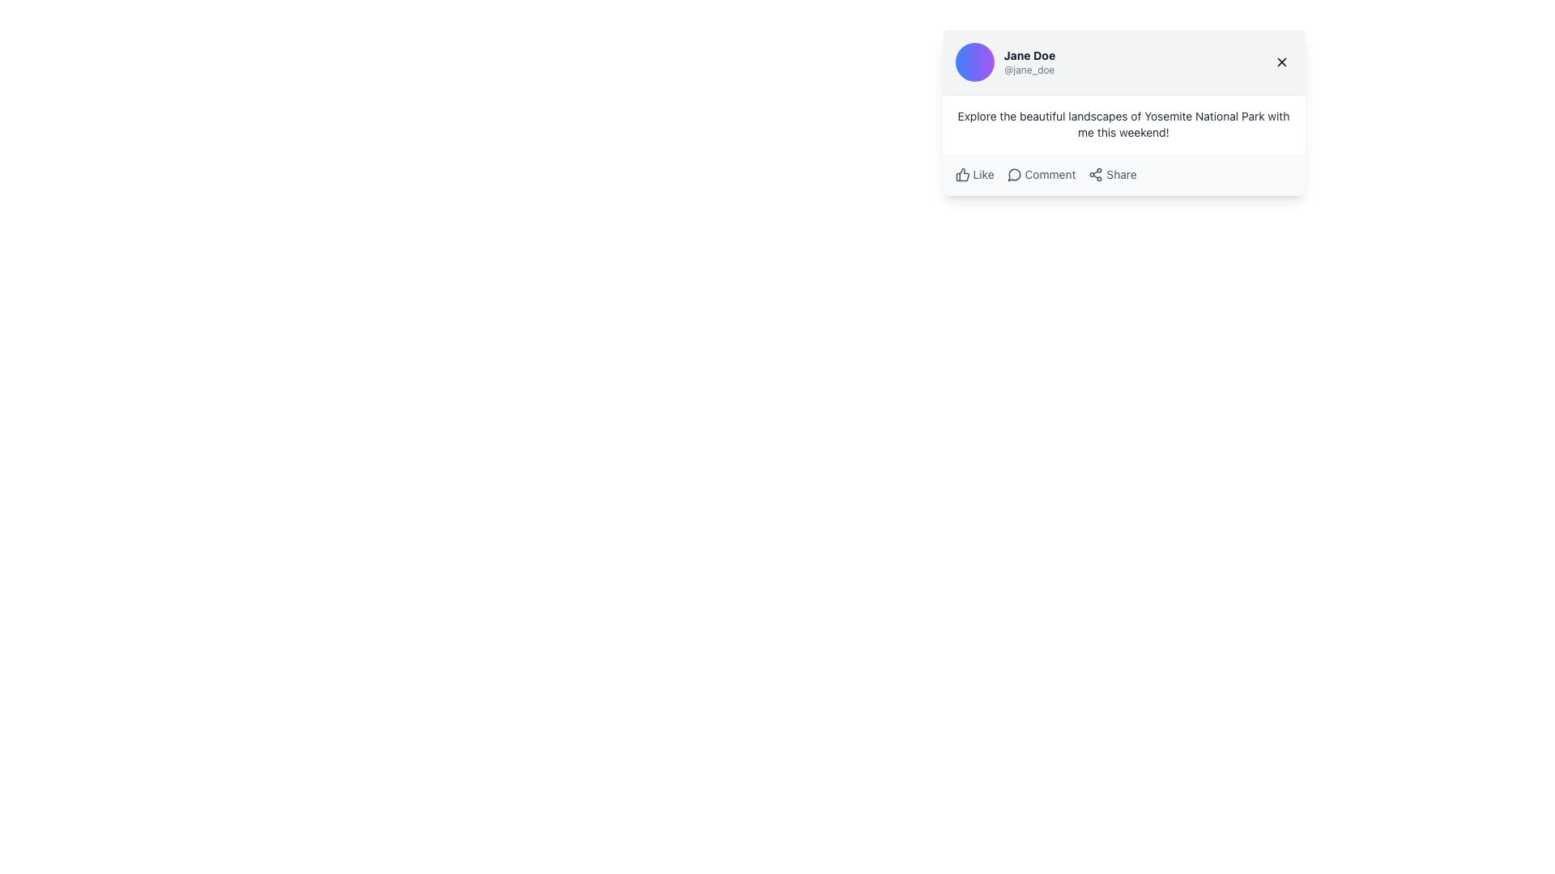 This screenshot has width=1555, height=874. Describe the element at coordinates (982, 175) in the screenshot. I see `the 'Like' text label which is styled in gray color, small font, located to the right of the thumbs-up icon in a horizontal line` at that location.